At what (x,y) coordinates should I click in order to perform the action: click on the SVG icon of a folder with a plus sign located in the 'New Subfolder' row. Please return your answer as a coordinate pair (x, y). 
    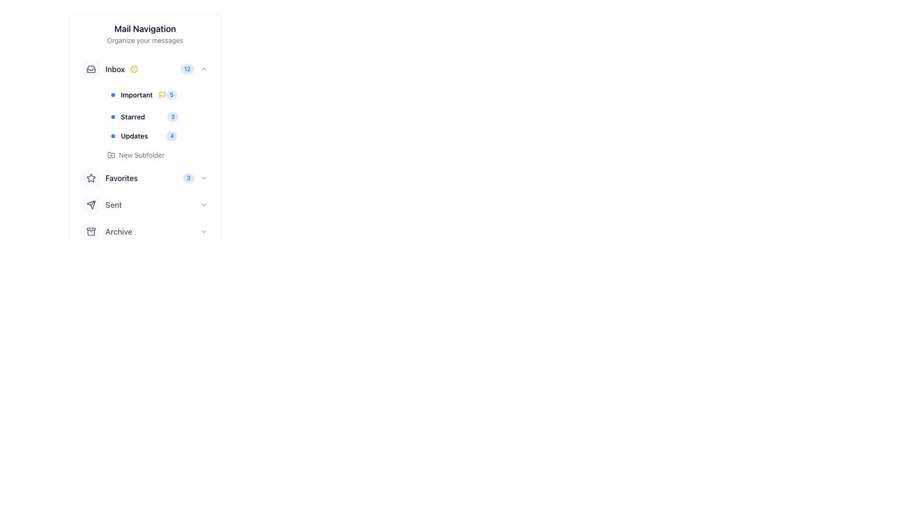
    Looking at the image, I should click on (111, 154).